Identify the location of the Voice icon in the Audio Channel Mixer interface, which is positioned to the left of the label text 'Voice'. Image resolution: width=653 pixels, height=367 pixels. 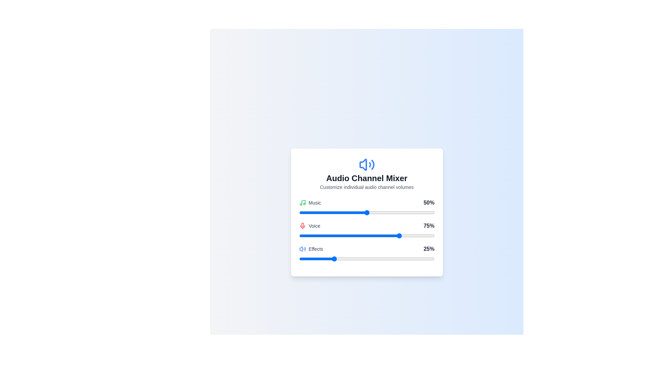
(302, 226).